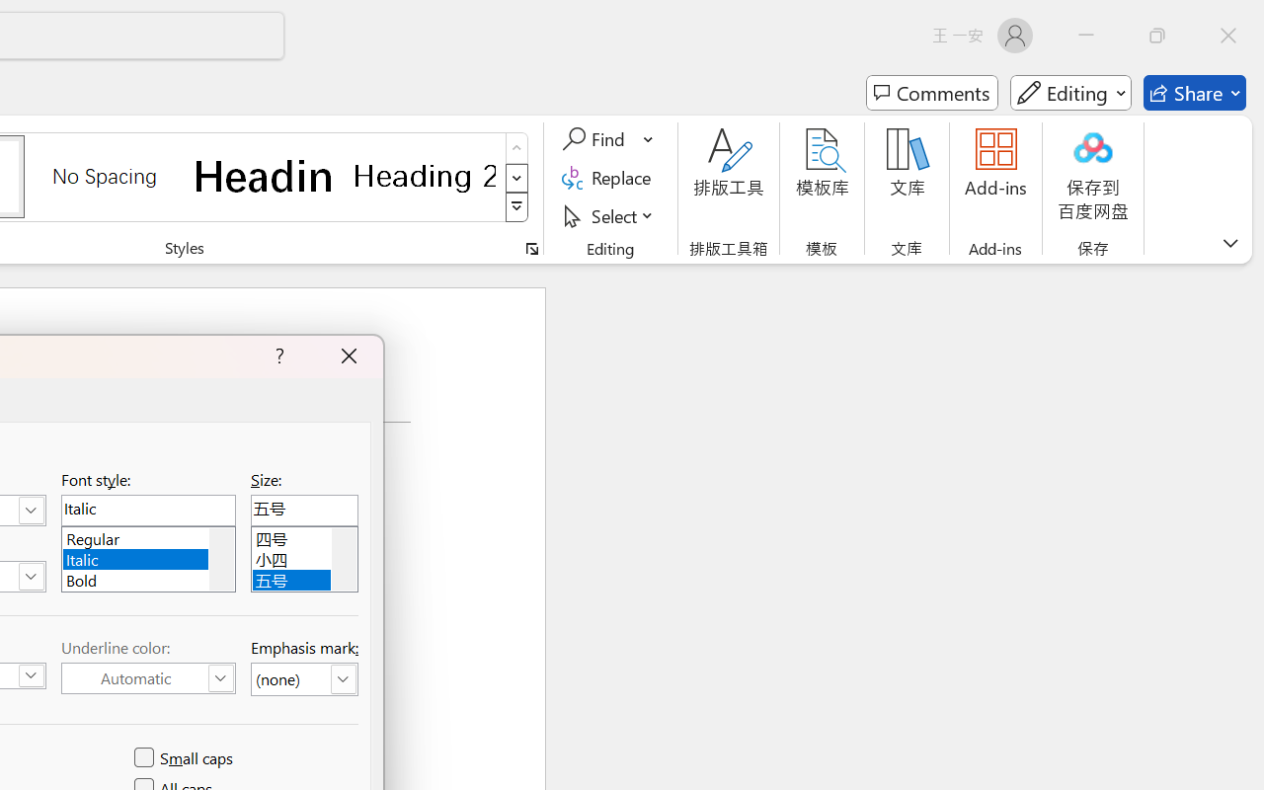 The width and height of the screenshot is (1264, 790). Describe the element at coordinates (186, 757) in the screenshot. I see `'Small caps'` at that location.